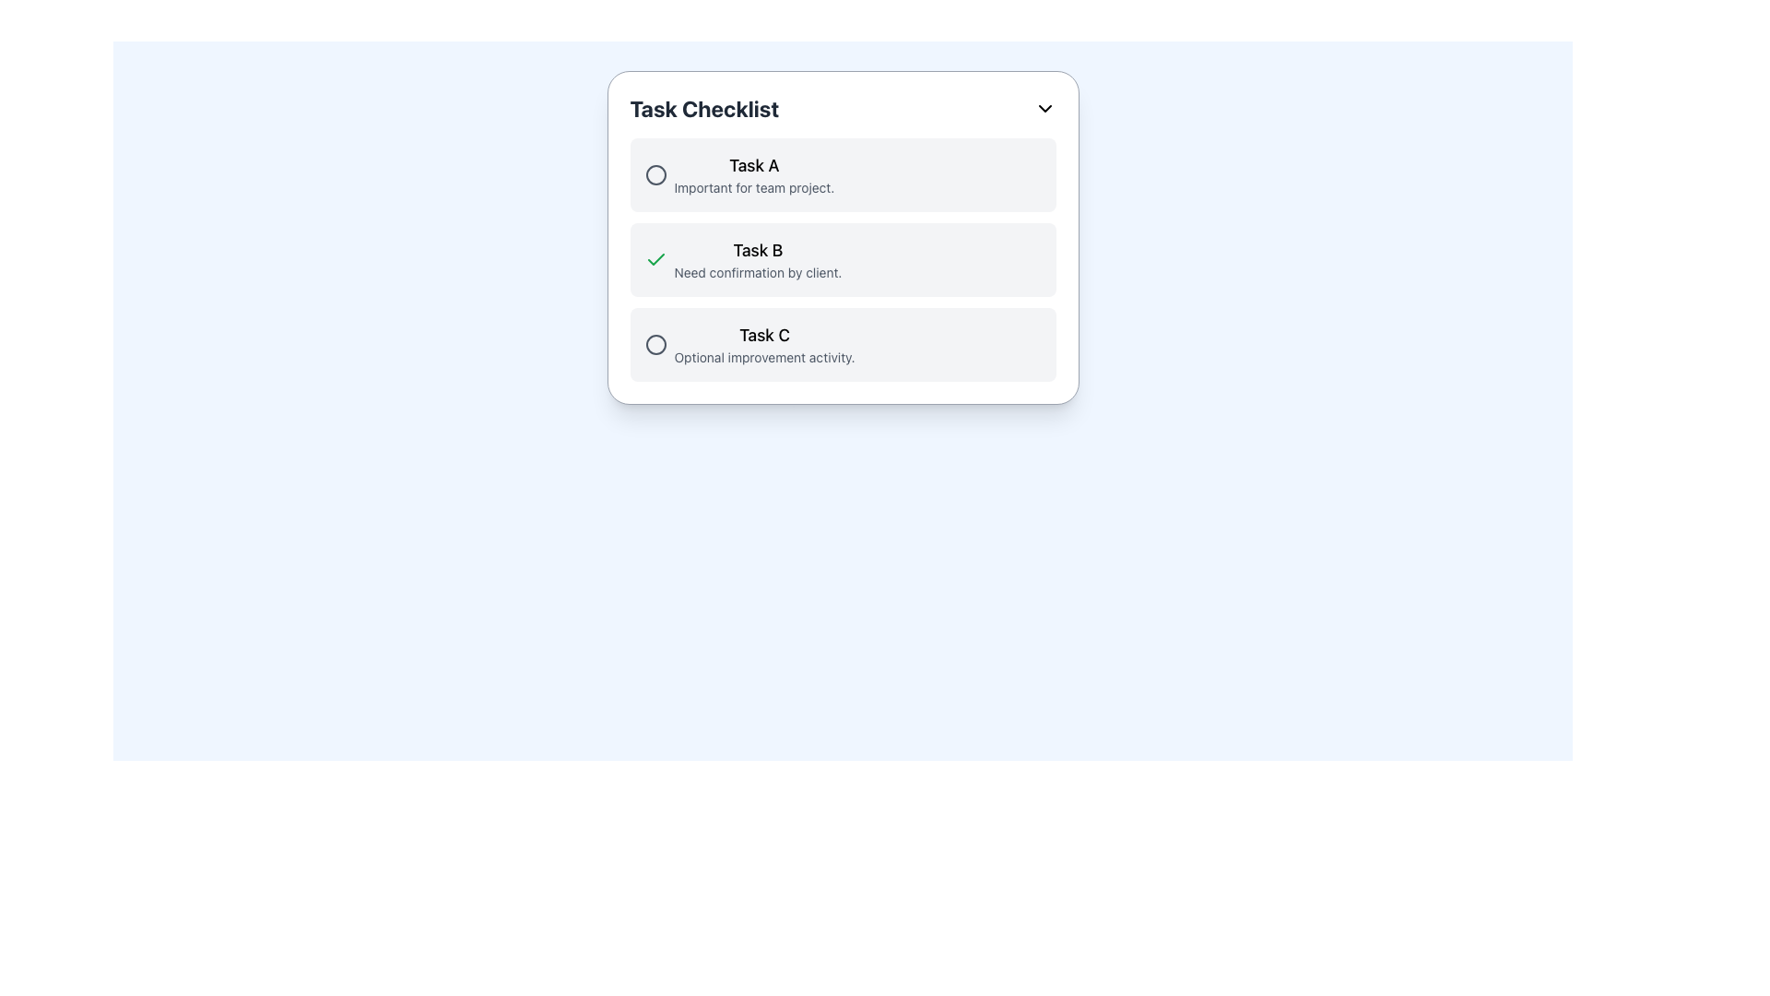 Image resolution: width=1770 pixels, height=996 pixels. Describe the element at coordinates (655, 174) in the screenshot. I see `the completed task marker icon located in the top-left section of the Task Checklist interface, next to the first task item labeled 'Task A'` at that location.